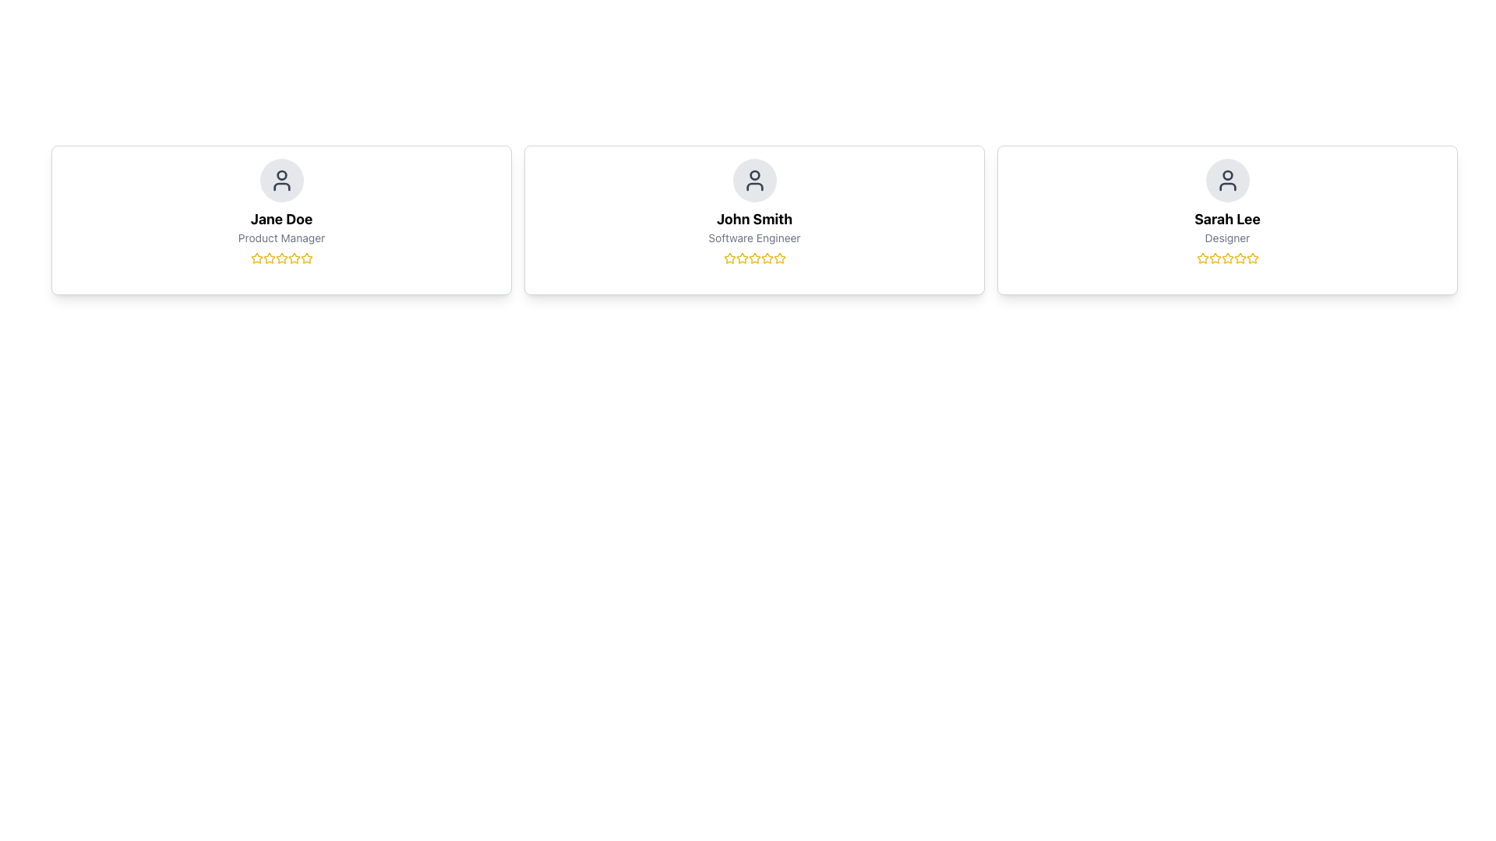  I want to click on the rectangular stroke of the user profile icon for 'Sarah Lee', which is part of an SVG graphic located in the user card, so click(1226, 185).